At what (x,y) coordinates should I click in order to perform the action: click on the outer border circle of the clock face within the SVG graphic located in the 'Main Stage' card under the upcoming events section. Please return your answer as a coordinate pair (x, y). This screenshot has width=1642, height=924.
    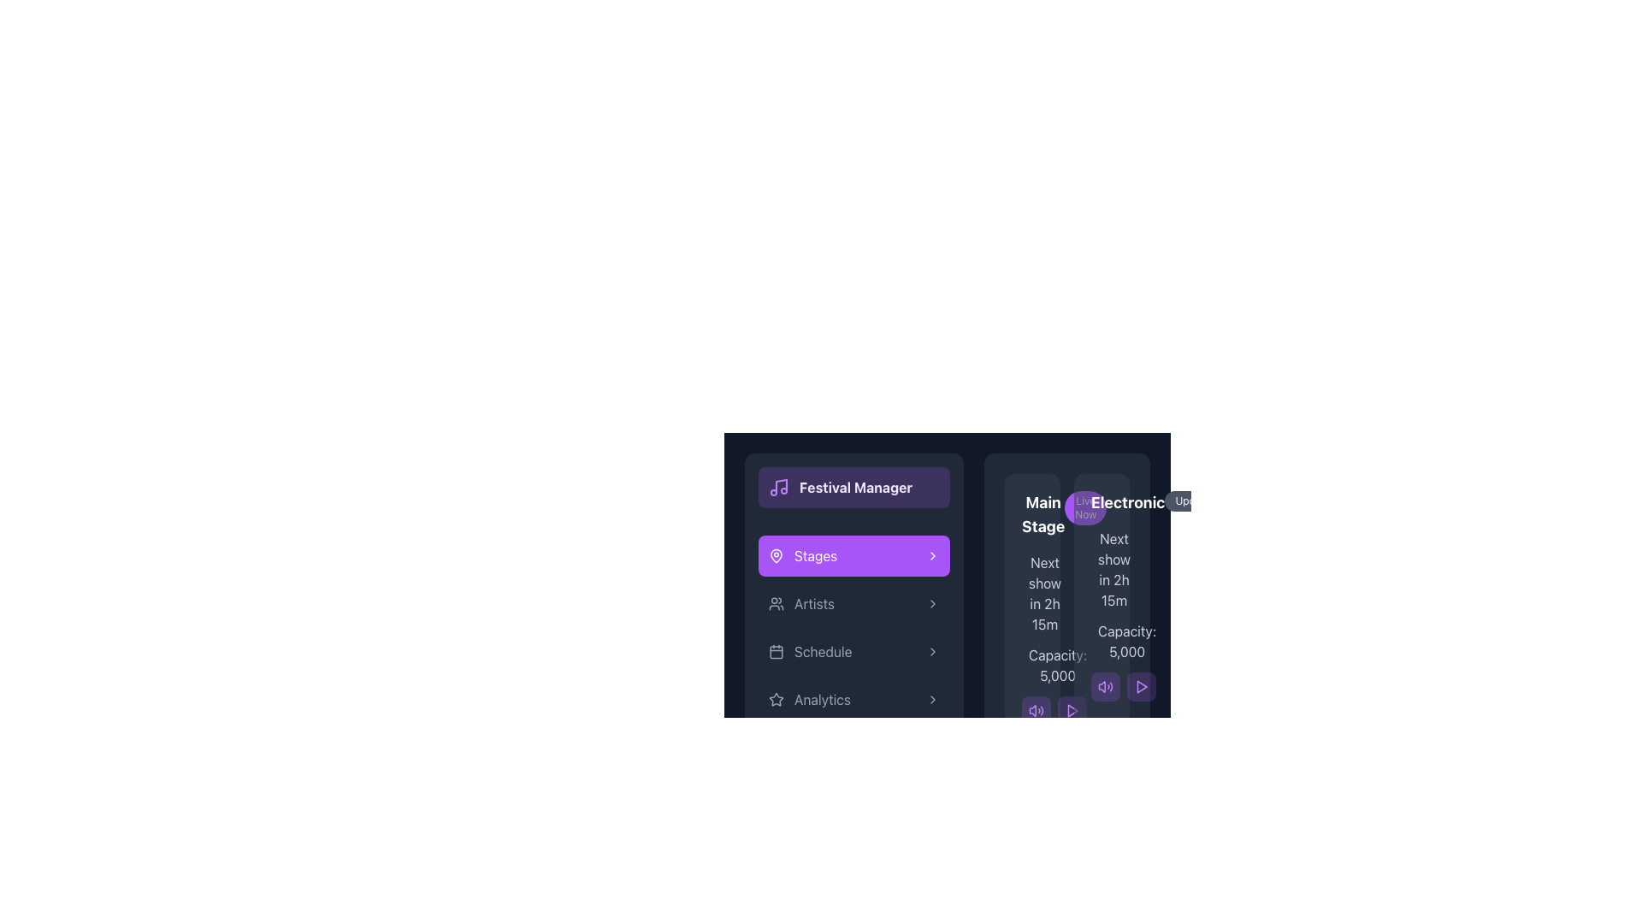
    Looking at the image, I should click on (1031, 596).